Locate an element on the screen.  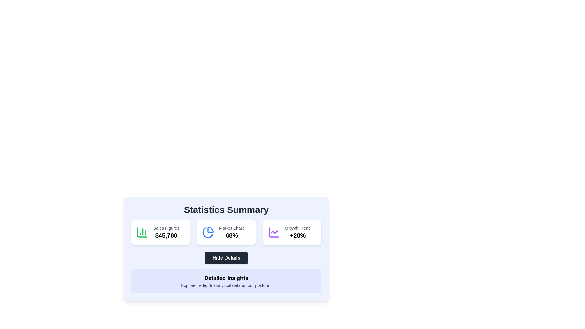
the Text display that shows the percentage change in the 'Growth Trend' card within the 'Statistics Summary' section is located at coordinates (298, 235).